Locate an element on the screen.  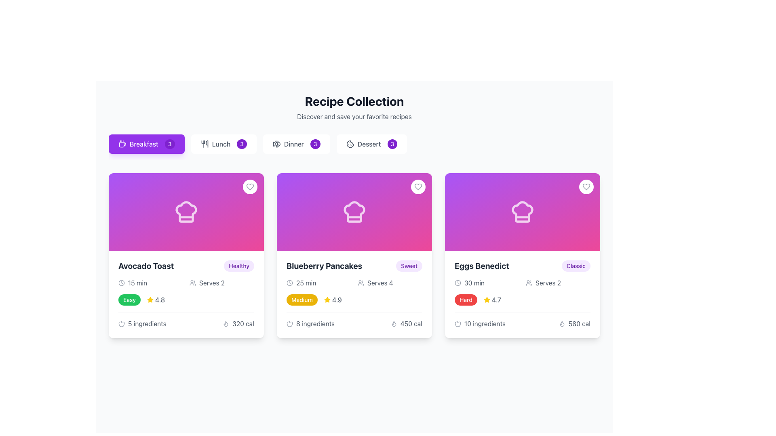
the 'Dessert' button, which features a cookie icon and a badge indicating '3' is located at coordinates (371, 144).